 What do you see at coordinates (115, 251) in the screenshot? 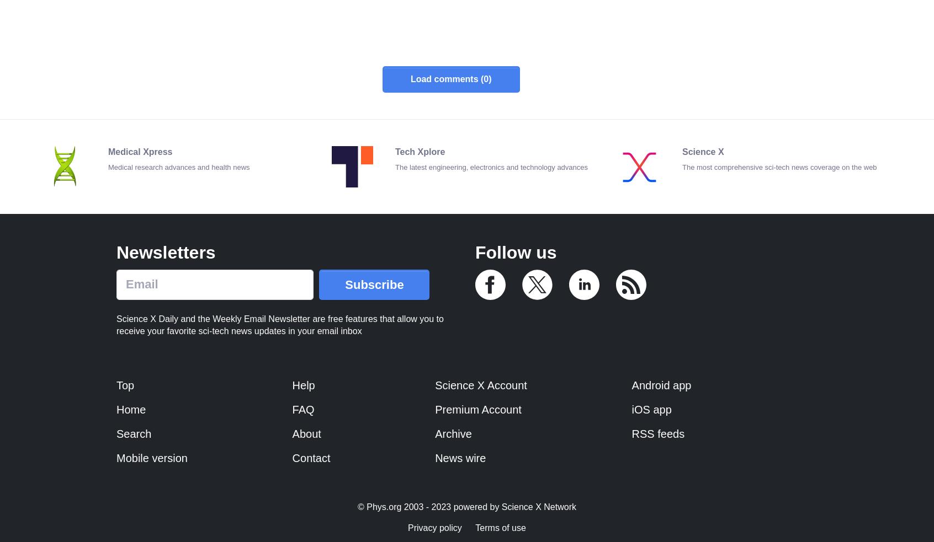
I see `'Newsletters'` at bounding box center [115, 251].